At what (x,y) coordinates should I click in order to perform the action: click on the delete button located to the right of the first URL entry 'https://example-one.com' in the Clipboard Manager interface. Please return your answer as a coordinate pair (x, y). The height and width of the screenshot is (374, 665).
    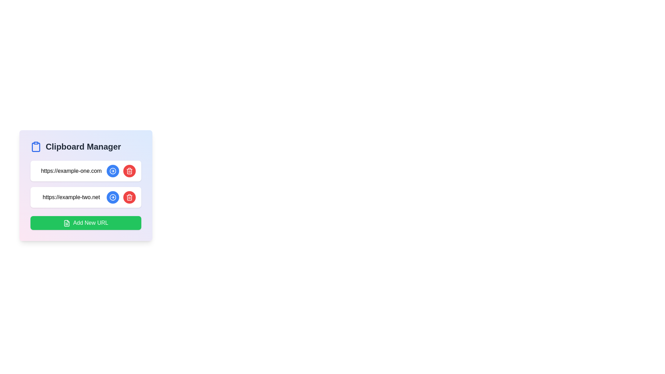
    Looking at the image, I should click on (130, 171).